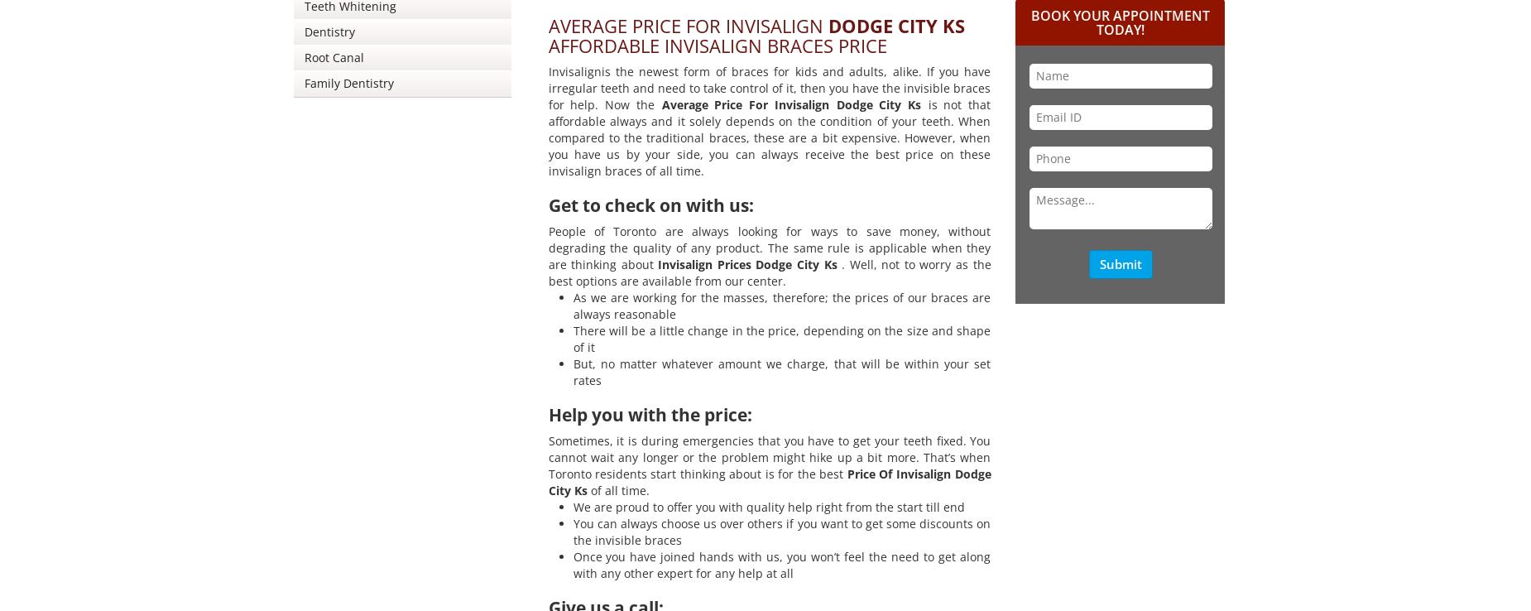 Image resolution: width=1531 pixels, height=611 pixels. What do you see at coordinates (768, 456) in the screenshot?
I see `'Sometimes, it is during emergencies that you have to get your teeth fixed. You cannot wait any longer or the problem might hike up a bit more. That’s when Toronto residents start thinking about is for the best'` at bounding box center [768, 456].